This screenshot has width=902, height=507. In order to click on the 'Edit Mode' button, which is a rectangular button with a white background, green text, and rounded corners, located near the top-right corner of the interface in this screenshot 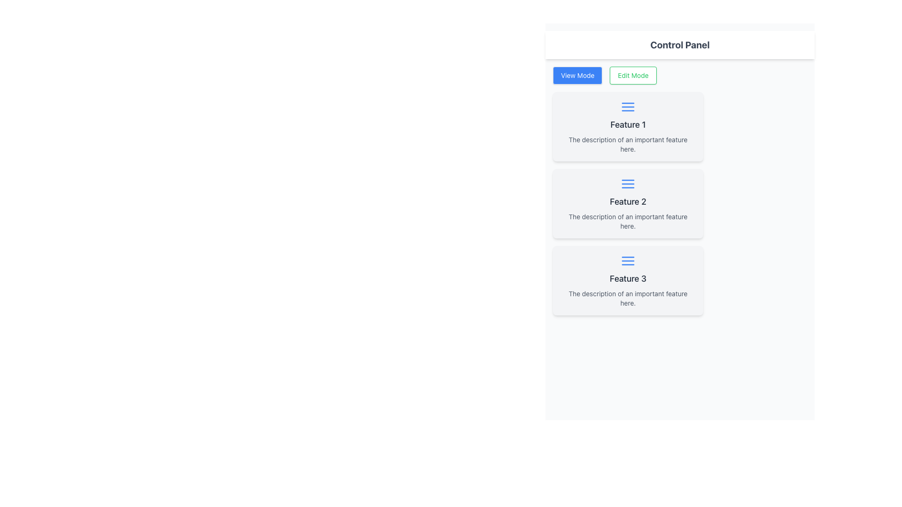, I will do `click(633, 75)`.